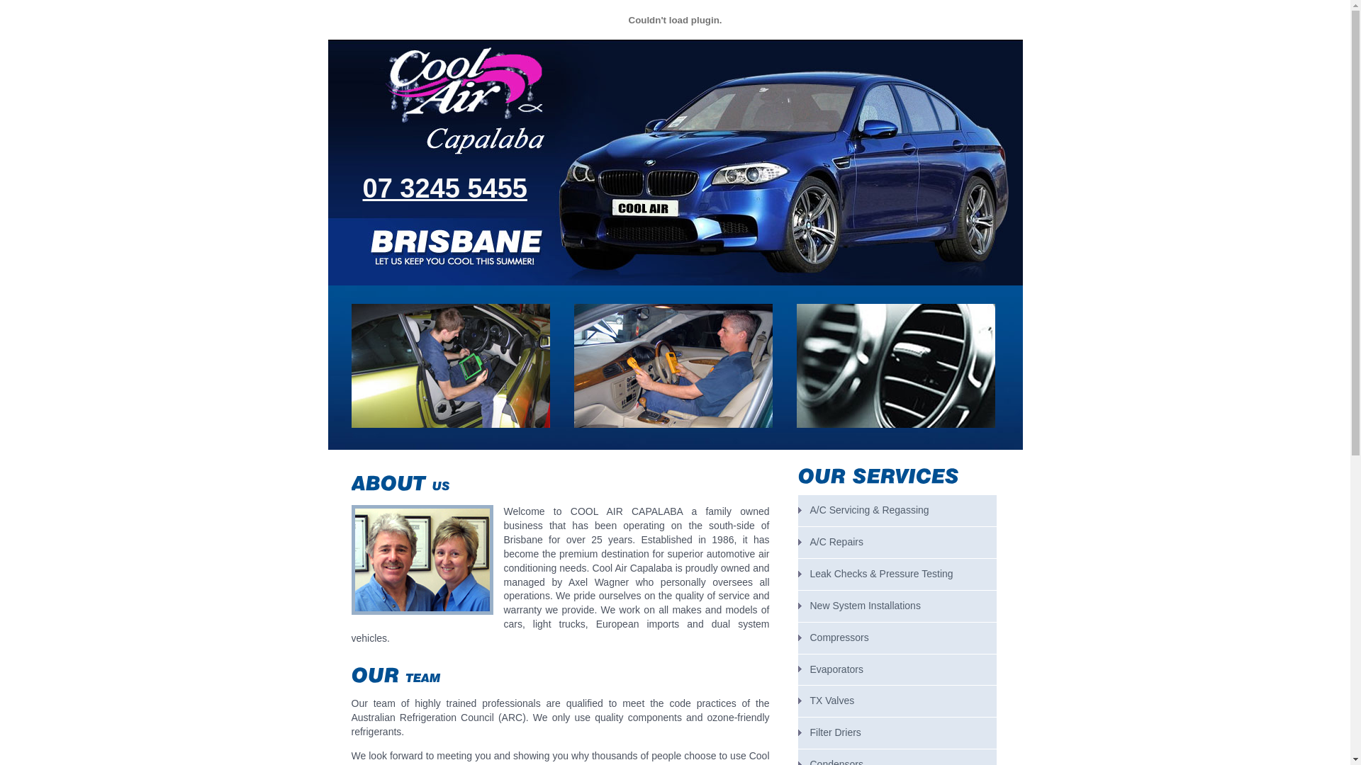 The width and height of the screenshot is (1361, 765). I want to click on 'Evaporators', so click(798, 669).